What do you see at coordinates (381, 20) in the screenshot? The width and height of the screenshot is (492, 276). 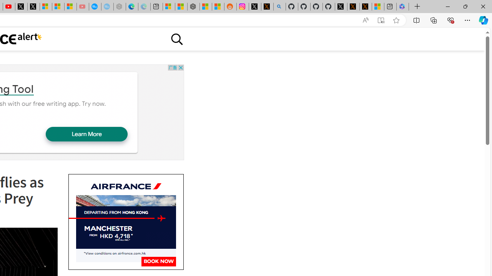 I see `'Enter Immersive Reader (F9)'` at bounding box center [381, 20].